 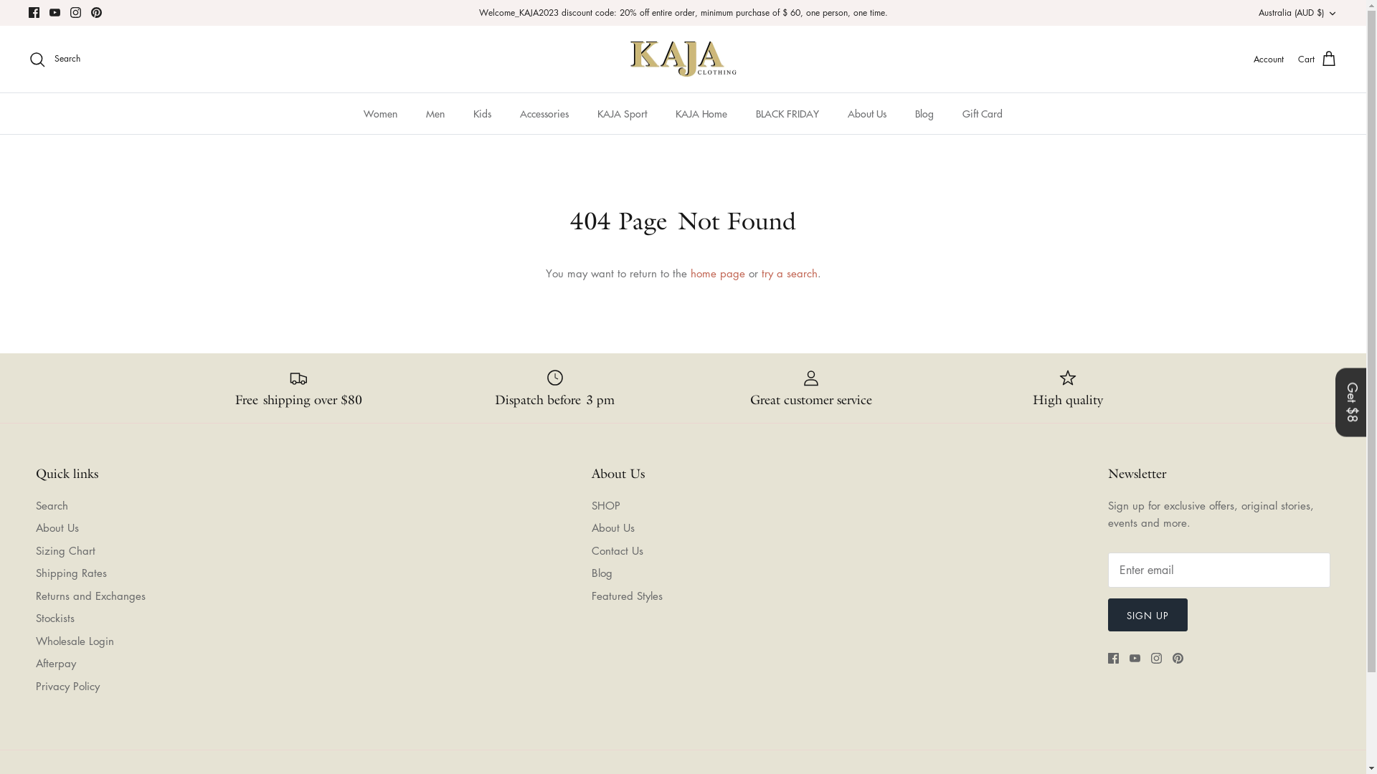 I want to click on 'Women', so click(x=380, y=113).